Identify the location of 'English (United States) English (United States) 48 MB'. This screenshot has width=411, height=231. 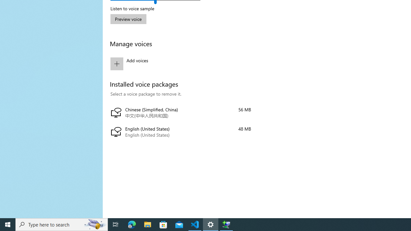
(180, 132).